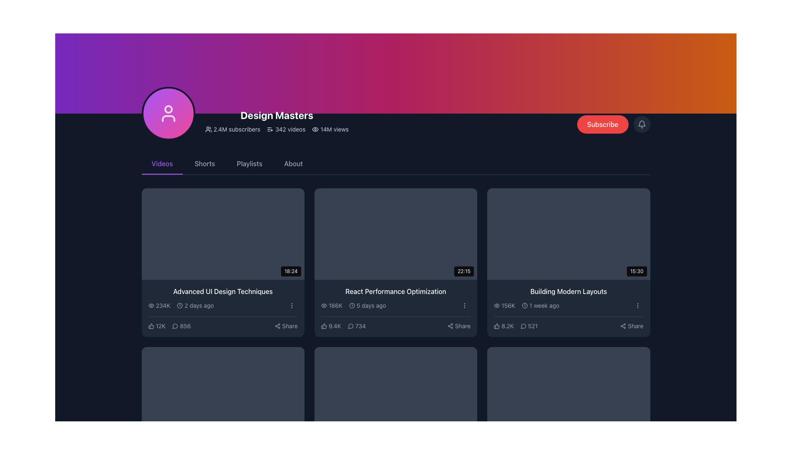  Describe the element at coordinates (395, 291) in the screenshot. I see `the Text label that acts as a header or title for the associated video content located in the second content card of the first row under the 'Videos' section` at that location.